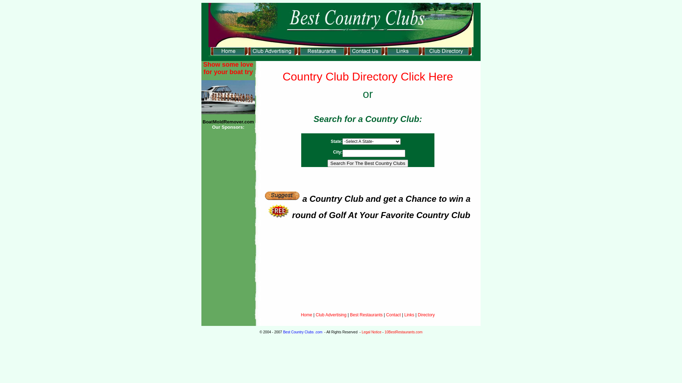 The image size is (682, 383). What do you see at coordinates (409, 314) in the screenshot?
I see `'Links'` at bounding box center [409, 314].